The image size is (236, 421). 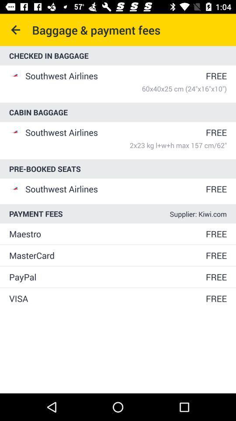 I want to click on the icon to the left of the free item, so click(x=107, y=276).